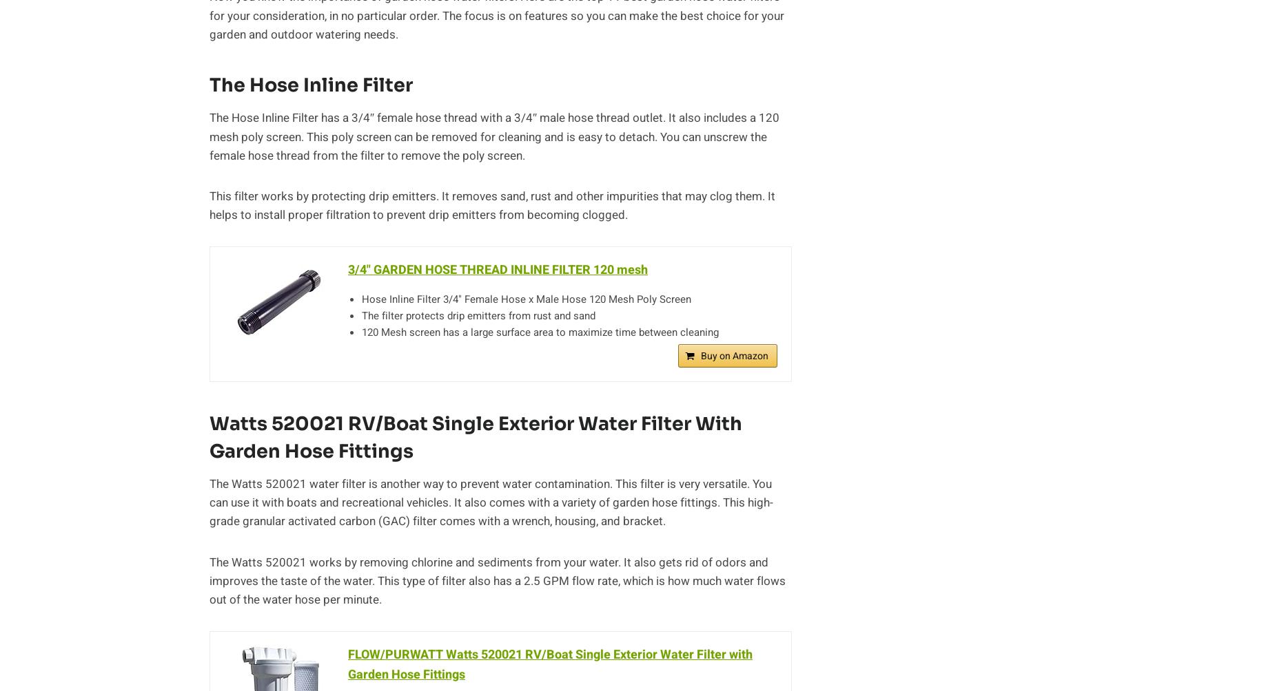 This screenshot has width=1275, height=691. I want to click on '3/4" GARDEN HOSE THREAD INLINE FILTER 120 mesh', so click(348, 269).